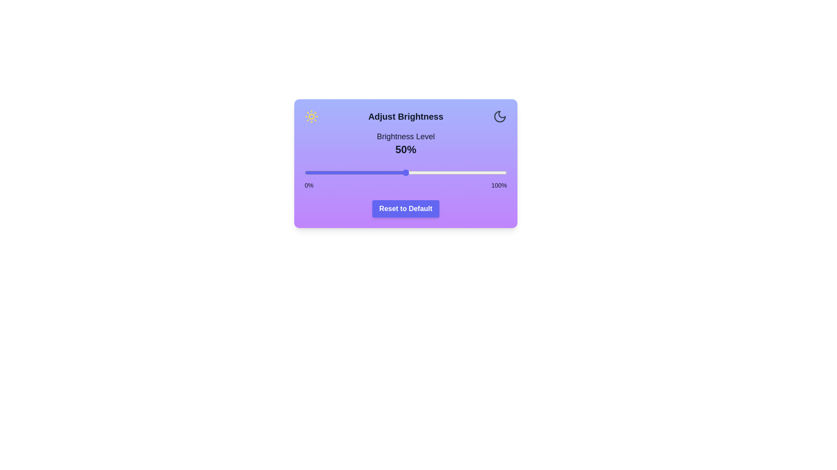 Image resolution: width=837 pixels, height=470 pixels. What do you see at coordinates (405, 173) in the screenshot?
I see `the brightness slider to 50%` at bounding box center [405, 173].